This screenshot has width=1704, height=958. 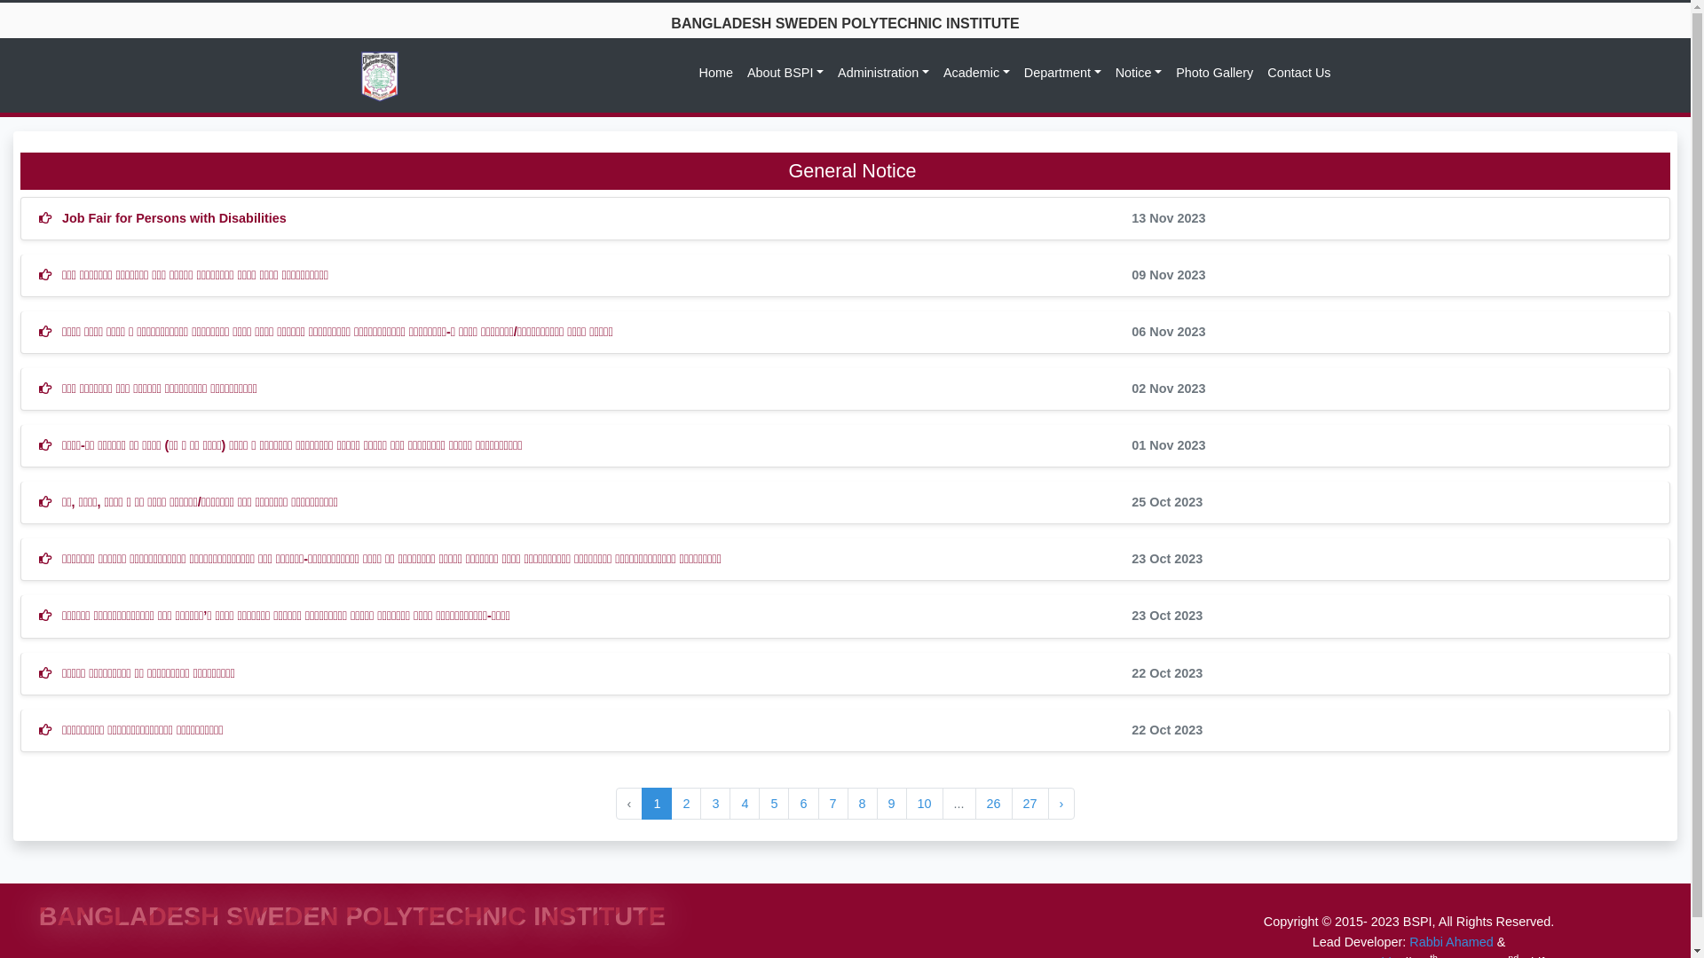 What do you see at coordinates (975, 72) in the screenshot?
I see `'Academic'` at bounding box center [975, 72].